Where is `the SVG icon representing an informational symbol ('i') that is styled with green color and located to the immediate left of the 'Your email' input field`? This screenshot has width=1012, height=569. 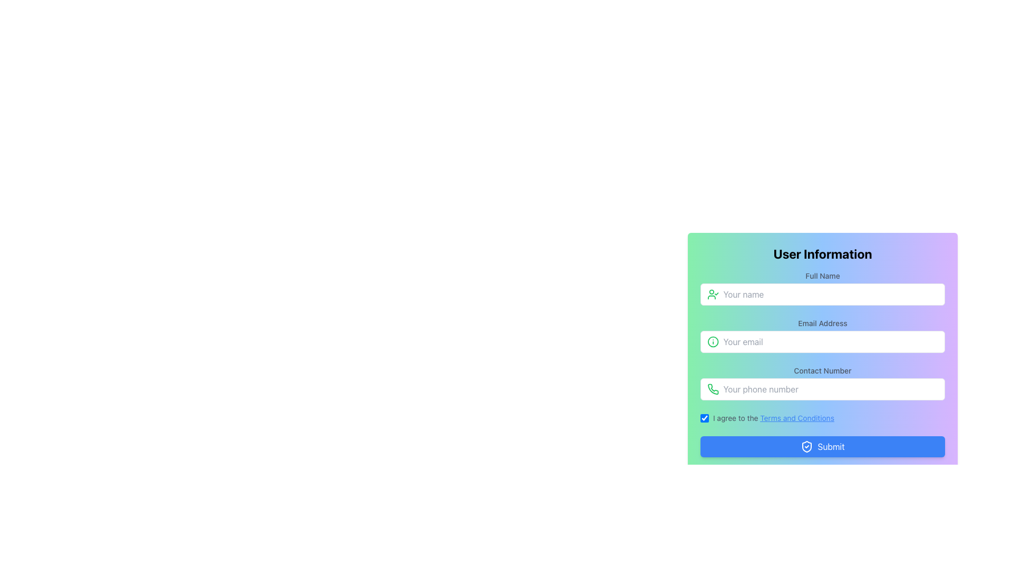 the SVG icon representing an informational symbol ('i') that is styled with green color and located to the immediate left of the 'Your email' input field is located at coordinates (713, 341).